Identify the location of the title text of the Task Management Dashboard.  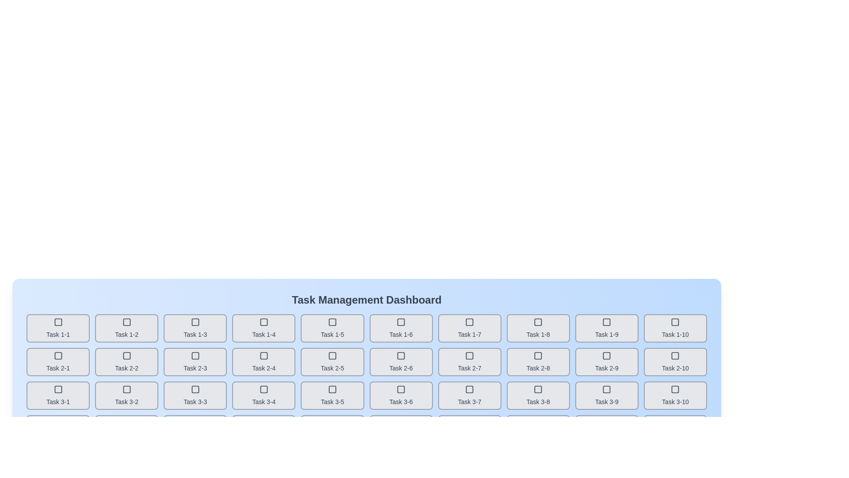
(367, 300).